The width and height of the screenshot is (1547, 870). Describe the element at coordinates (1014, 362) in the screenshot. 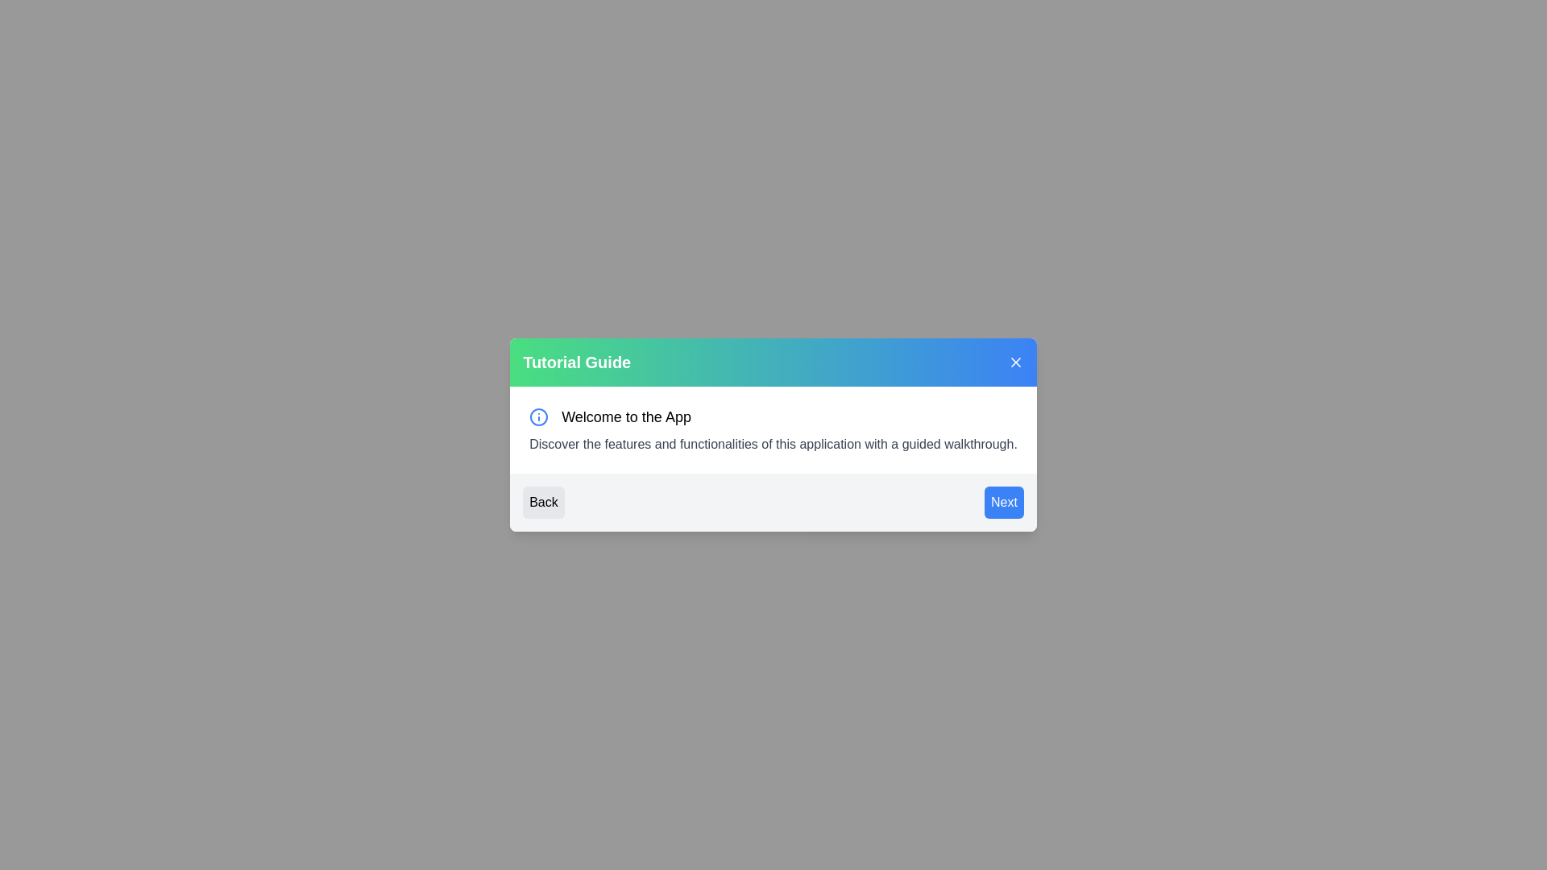

I see `the close icon in the top-right corner of the modal window` at that location.